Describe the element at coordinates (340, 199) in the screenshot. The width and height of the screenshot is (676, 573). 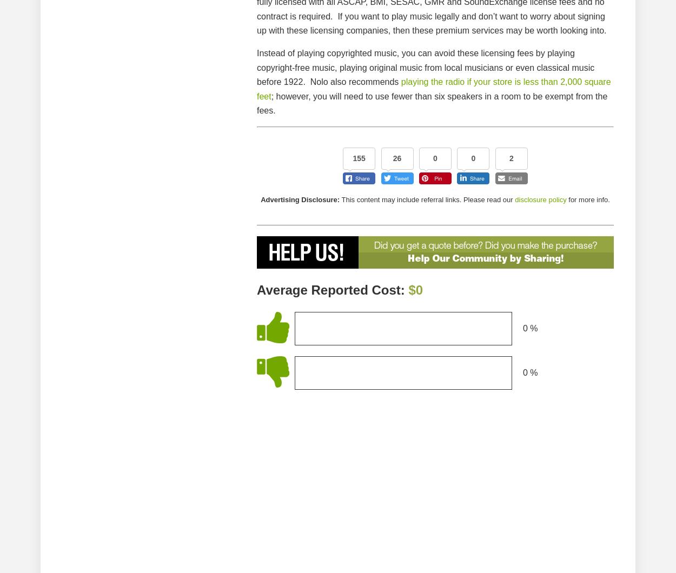
I see `'This content may include referral links.  Please read our'` at that location.